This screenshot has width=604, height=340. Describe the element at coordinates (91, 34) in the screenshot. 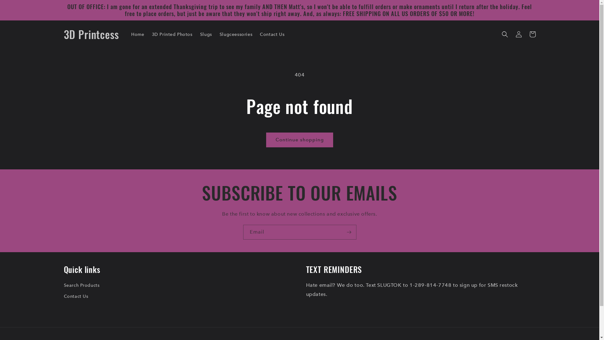

I see `'3D Printcess'` at that location.